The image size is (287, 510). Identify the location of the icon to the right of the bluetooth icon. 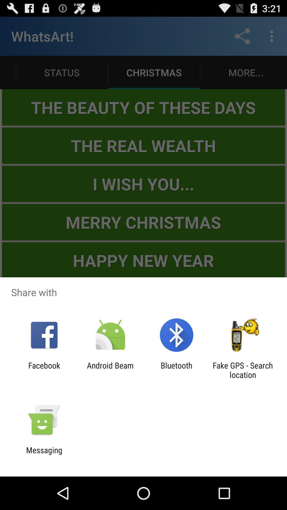
(243, 370).